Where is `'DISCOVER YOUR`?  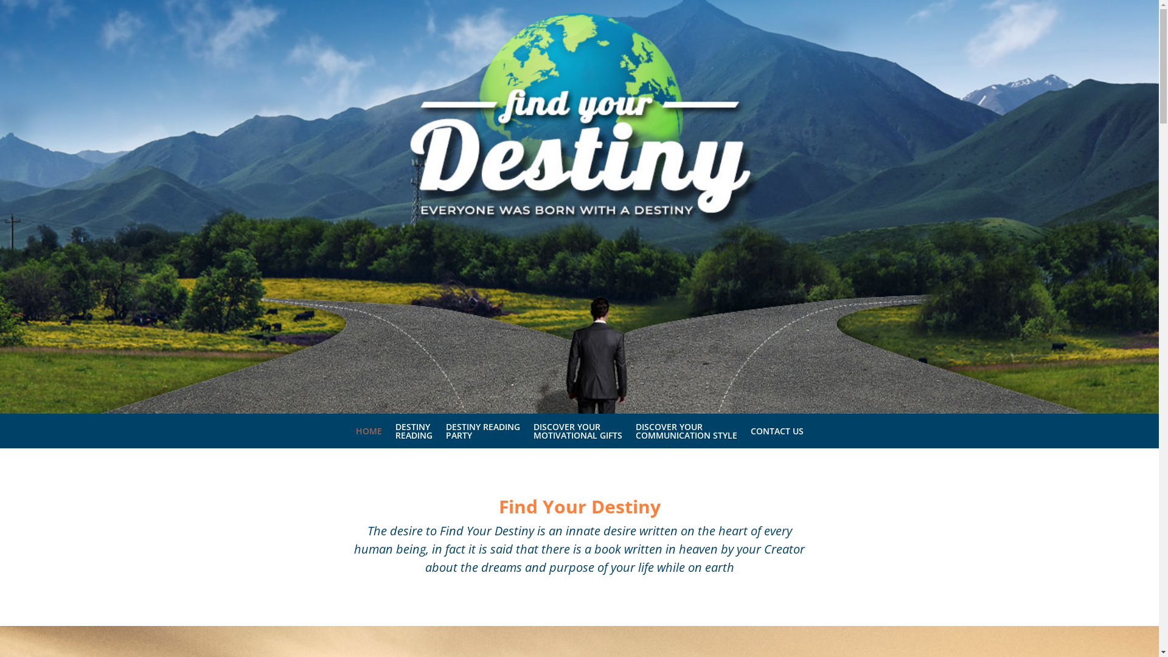
'DISCOVER YOUR is located at coordinates (577, 435).